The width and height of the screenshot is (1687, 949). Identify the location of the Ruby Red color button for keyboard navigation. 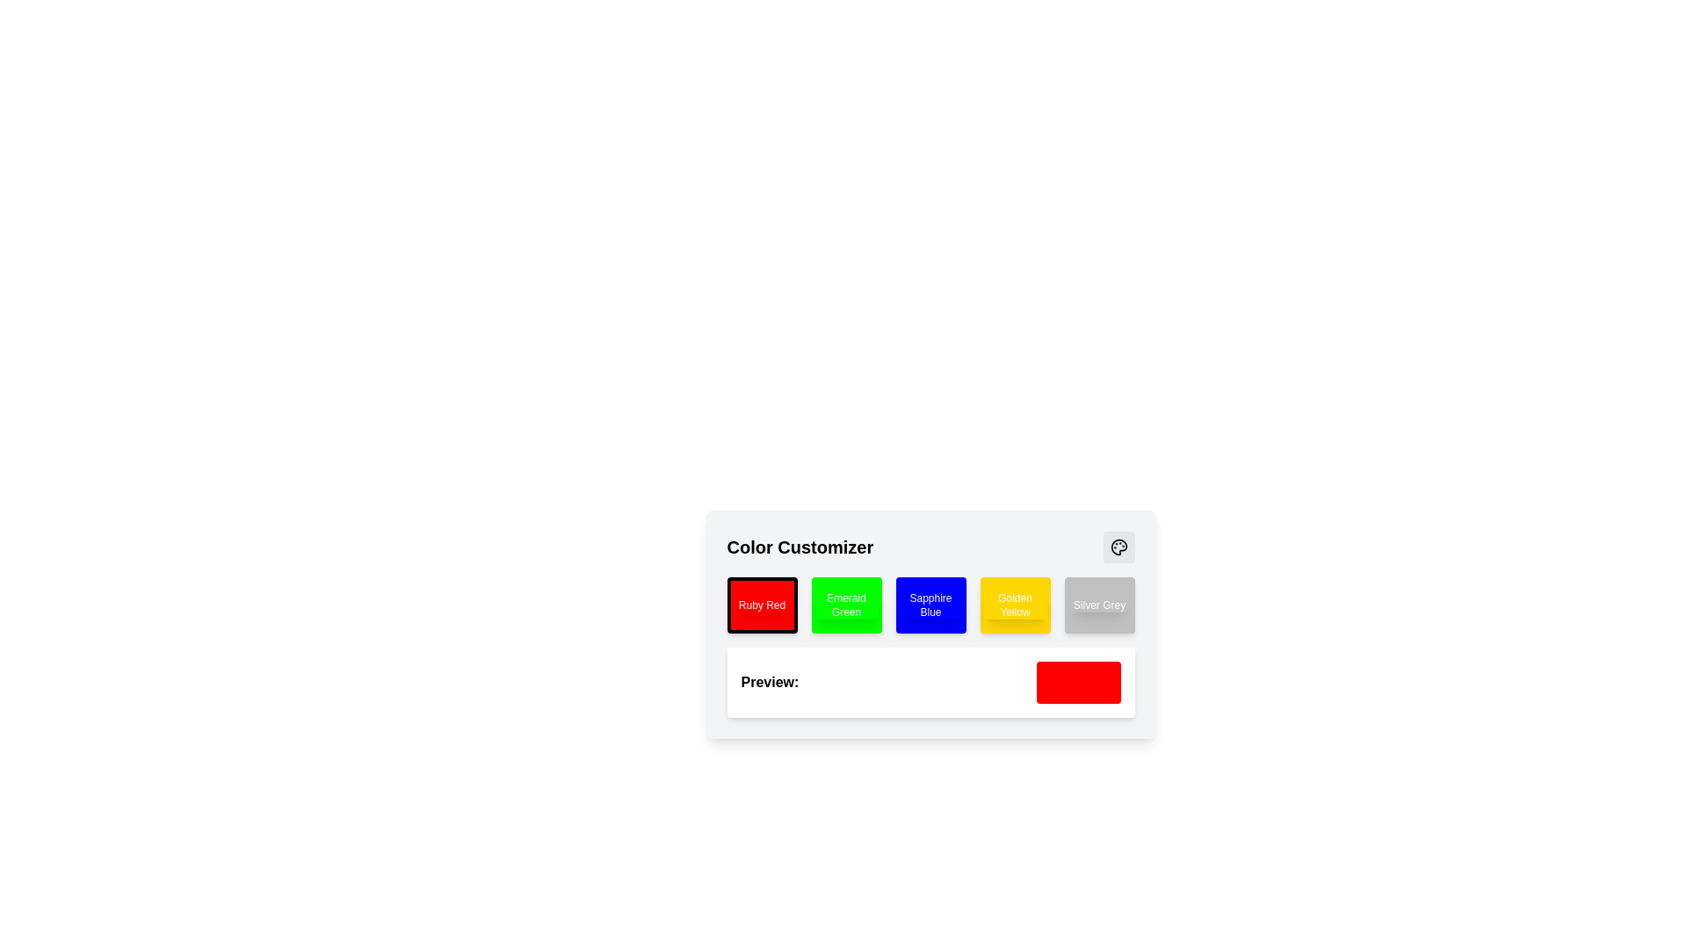
(762, 605).